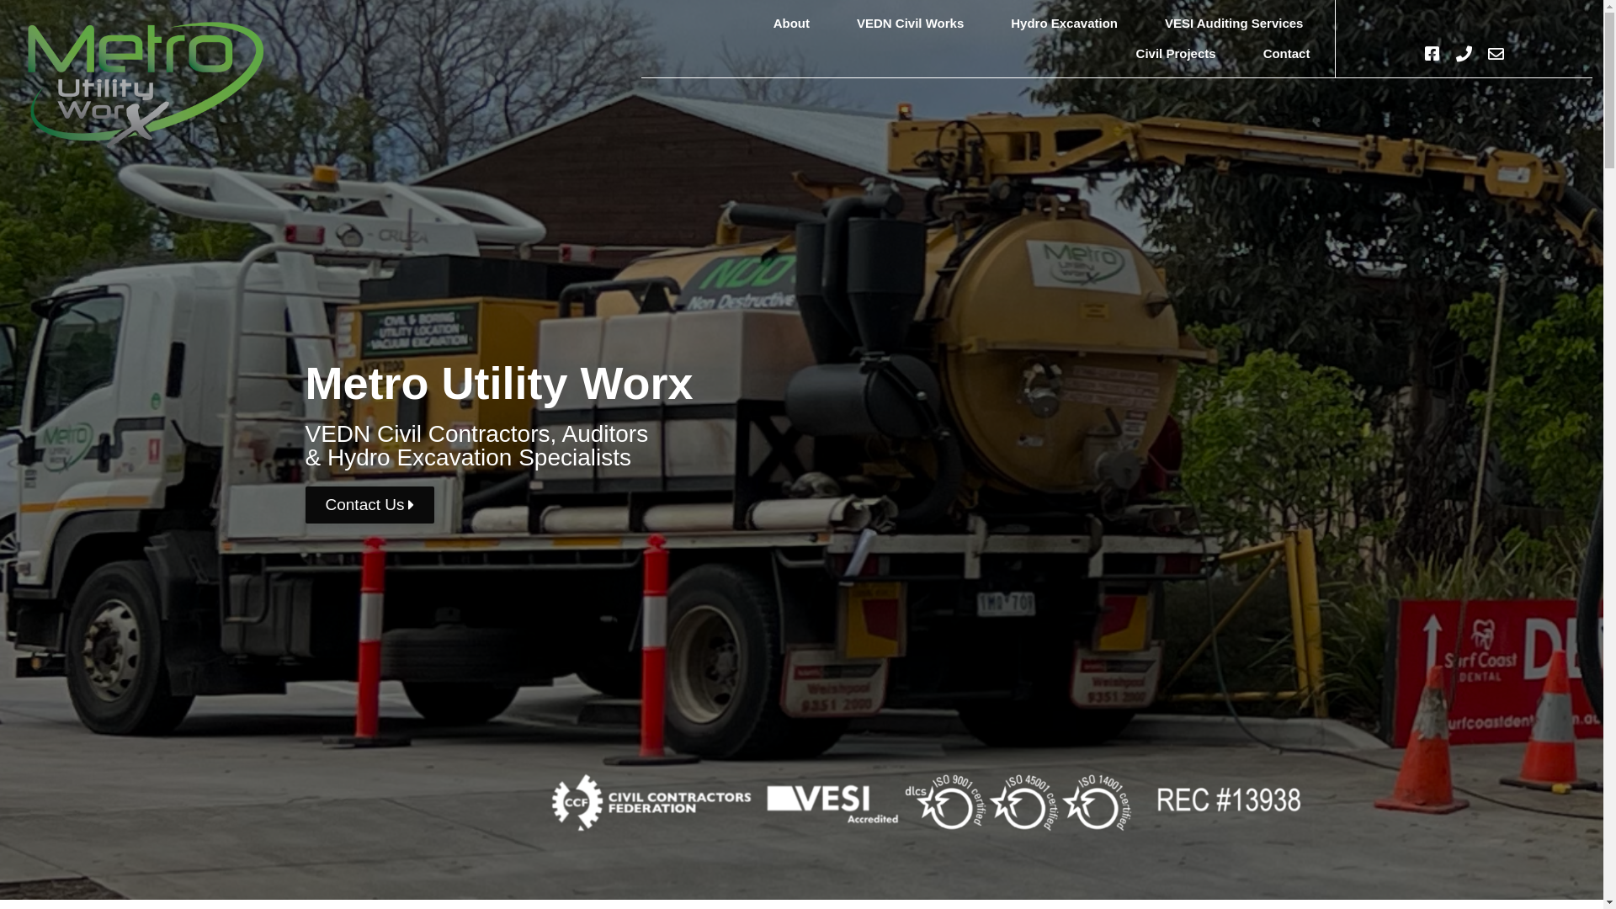  Describe the element at coordinates (909, 23) in the screenshot. I see `'VEDN Civil Works'` at that location.